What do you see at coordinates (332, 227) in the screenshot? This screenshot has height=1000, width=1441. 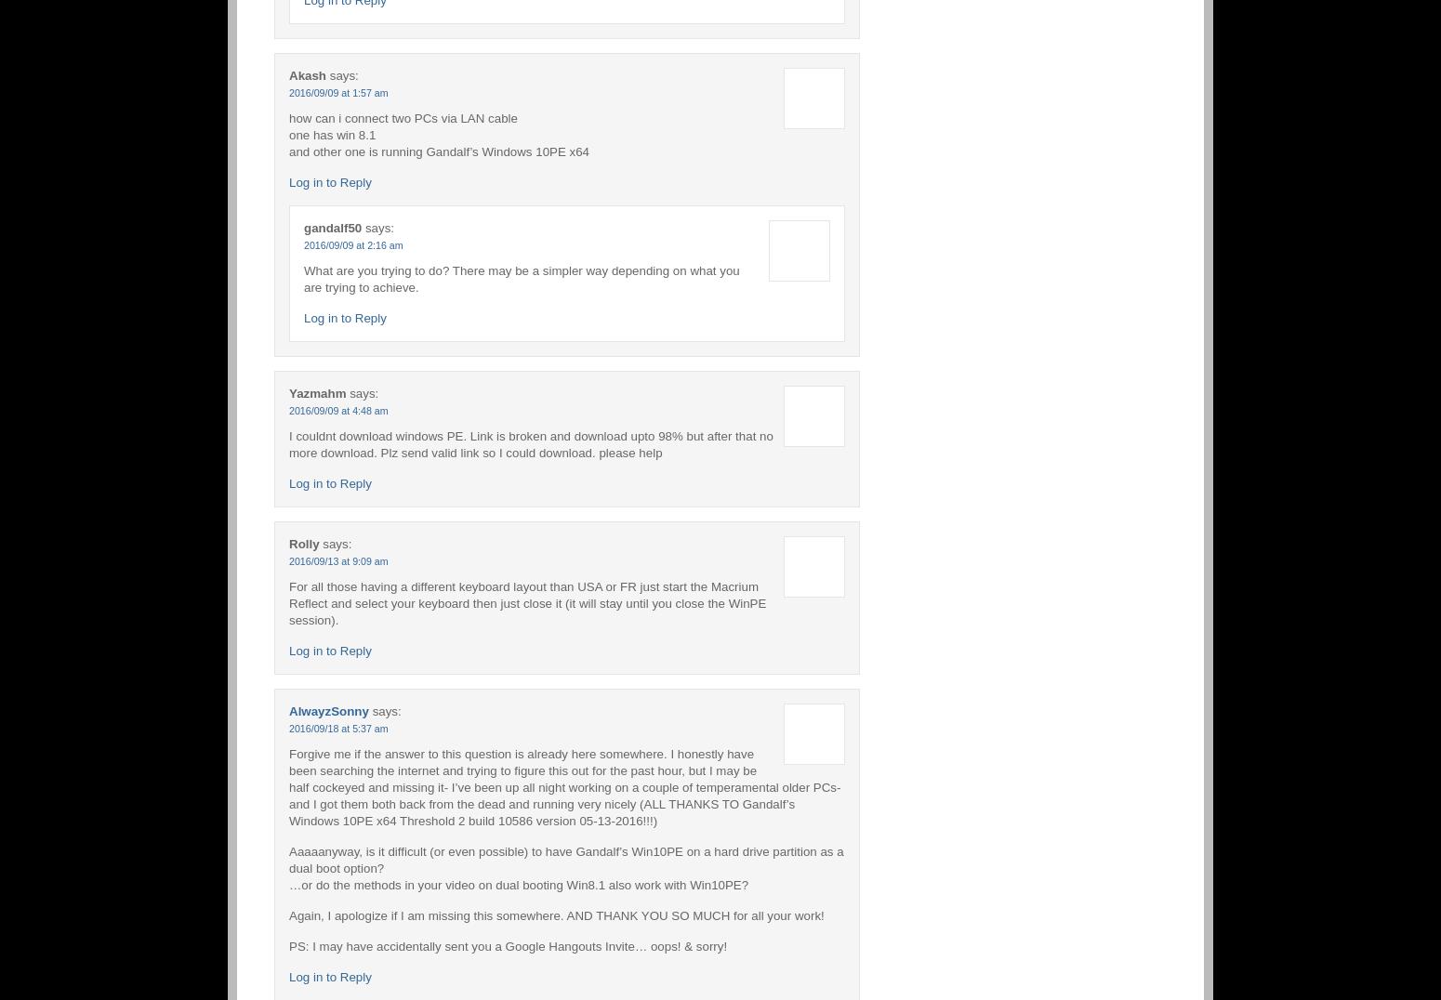 I see `'gandalf50'` at bounding box center [332, 227].